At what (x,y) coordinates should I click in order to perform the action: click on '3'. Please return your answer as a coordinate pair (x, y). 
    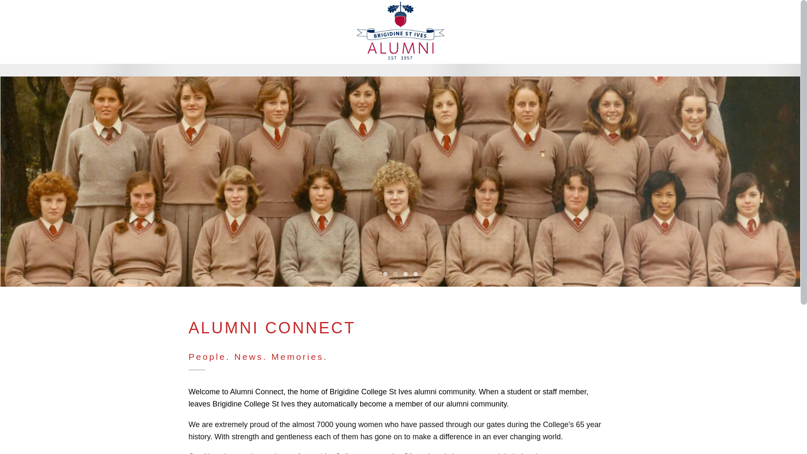
    Looking at the image, I should click on (405, 274).